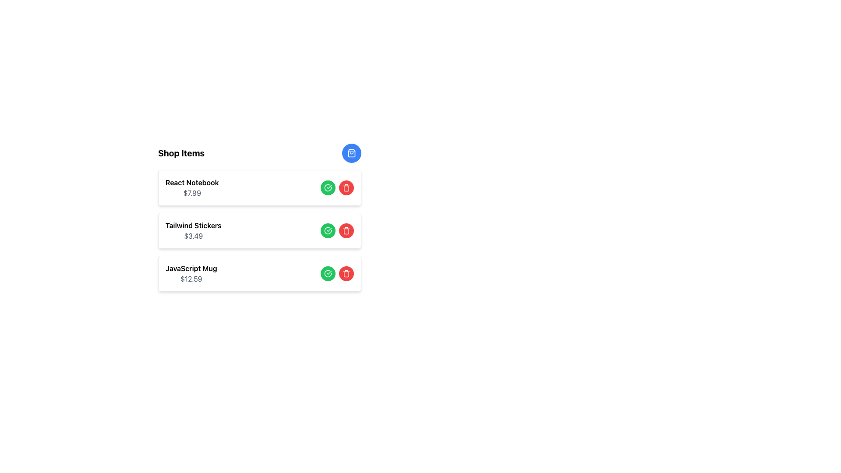 The height and width of the screenshot is (473, 841). What do you see at coordinates (193, 225) in the screenshot?
I see `the 'Tailwind Stickers' text label, which is bold and positioned above the price label '$3.49' in the second item of the 'Shop Items' list` at bounding box center [193, 225].